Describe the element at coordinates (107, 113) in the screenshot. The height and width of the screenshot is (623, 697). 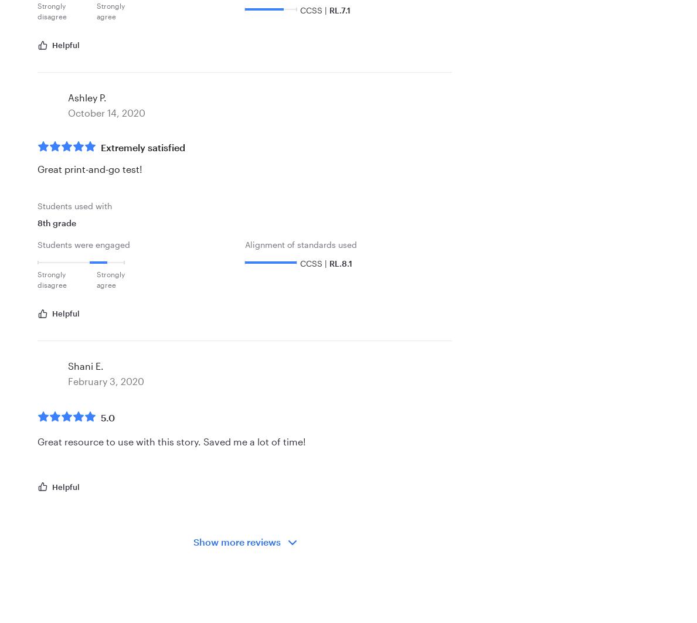
I see `'October 14, 2020'` at that location.